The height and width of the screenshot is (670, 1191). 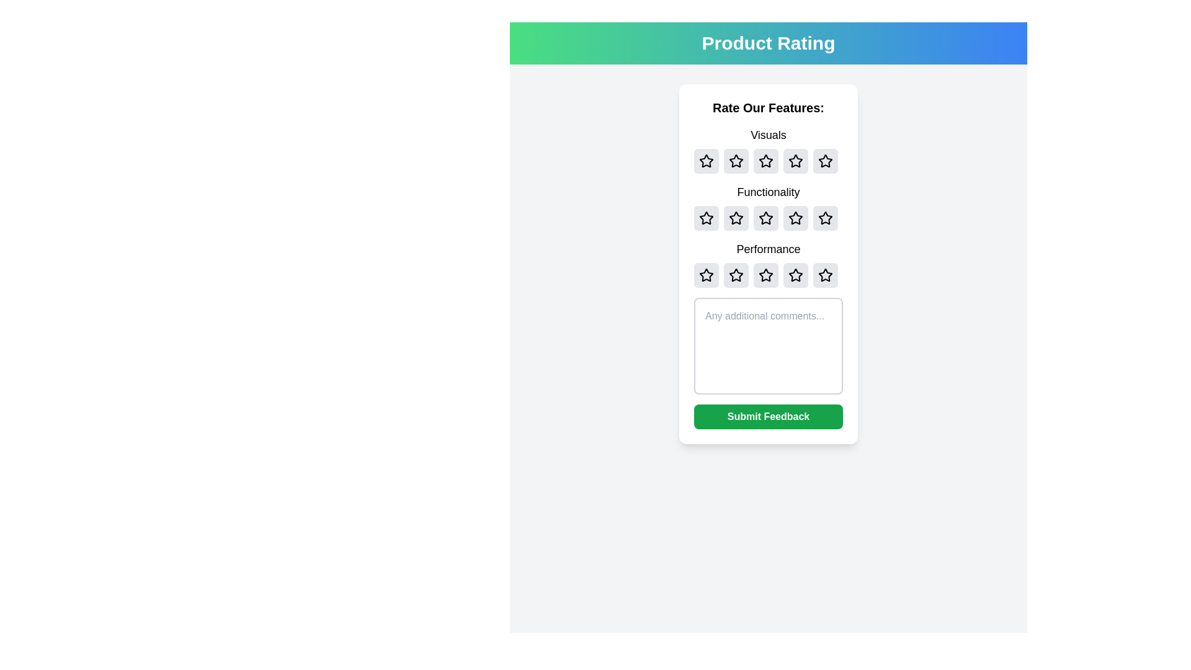 What do you see at coordinates (706, 217) in the screenshot?
I see `the star icon for rating functionality in the 'Rate Our Features' section` at bounding box center [706, 217].